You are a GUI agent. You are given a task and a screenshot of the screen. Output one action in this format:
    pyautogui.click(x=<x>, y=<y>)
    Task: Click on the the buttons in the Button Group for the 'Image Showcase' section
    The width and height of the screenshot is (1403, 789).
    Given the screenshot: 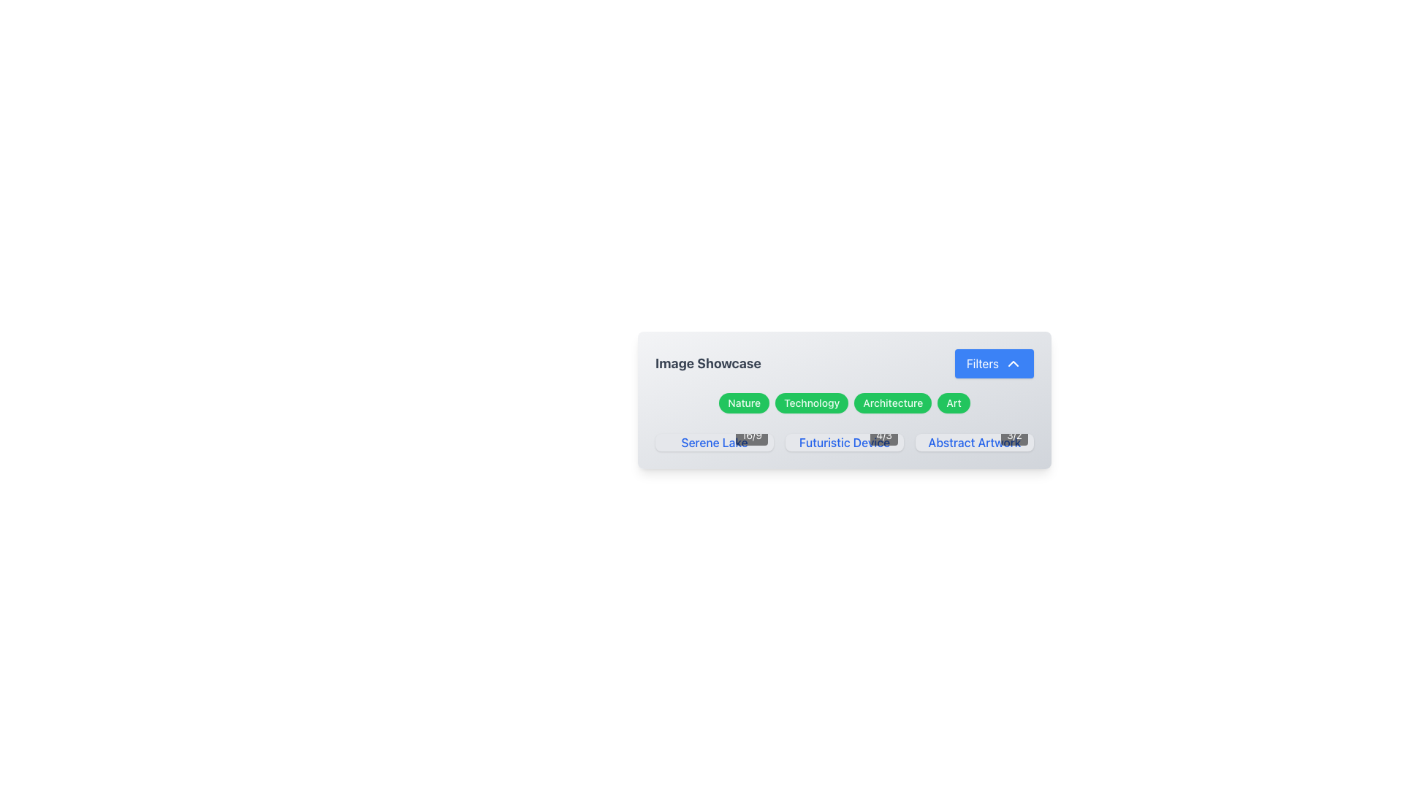 What is the action you would take?
    pyautogui.click(x=845, y=403)
    